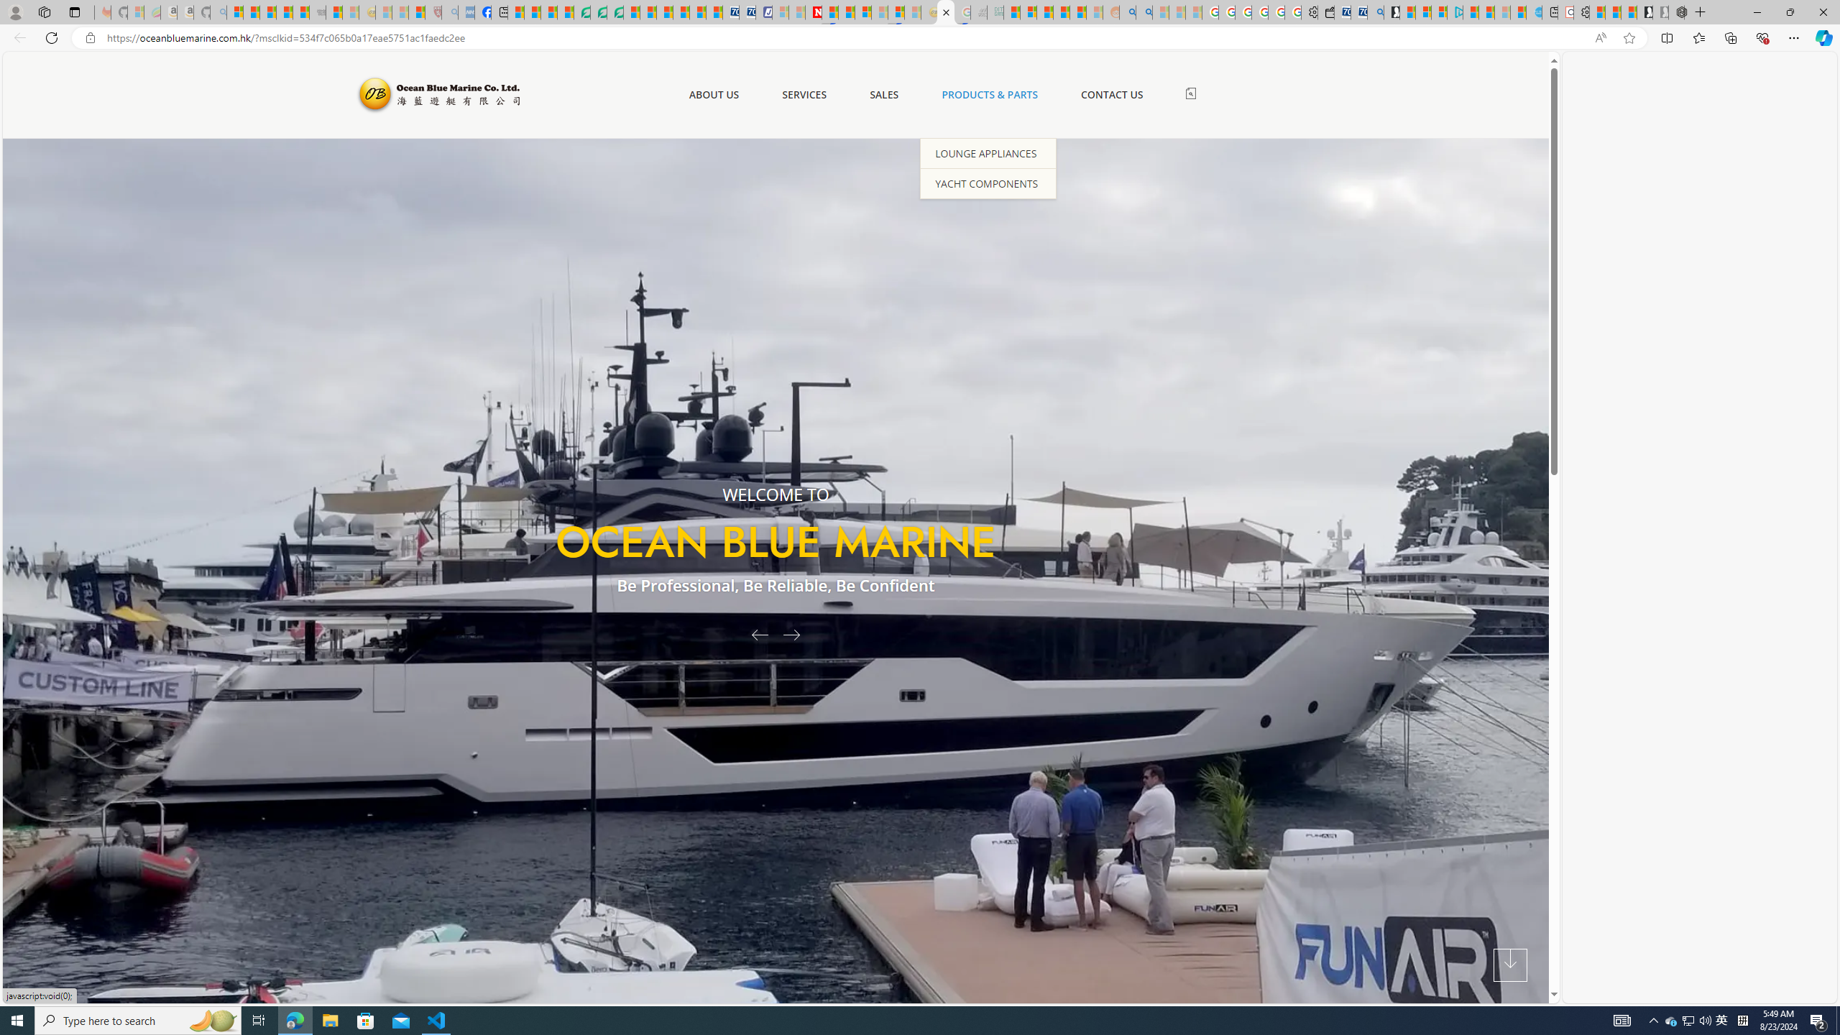 The width and height of the screenshot is (1840, 1035). What do you see at coordinates (713, 94) in the screenshot?
I see `'ABOUT US'` at bounding box center [713, 94].